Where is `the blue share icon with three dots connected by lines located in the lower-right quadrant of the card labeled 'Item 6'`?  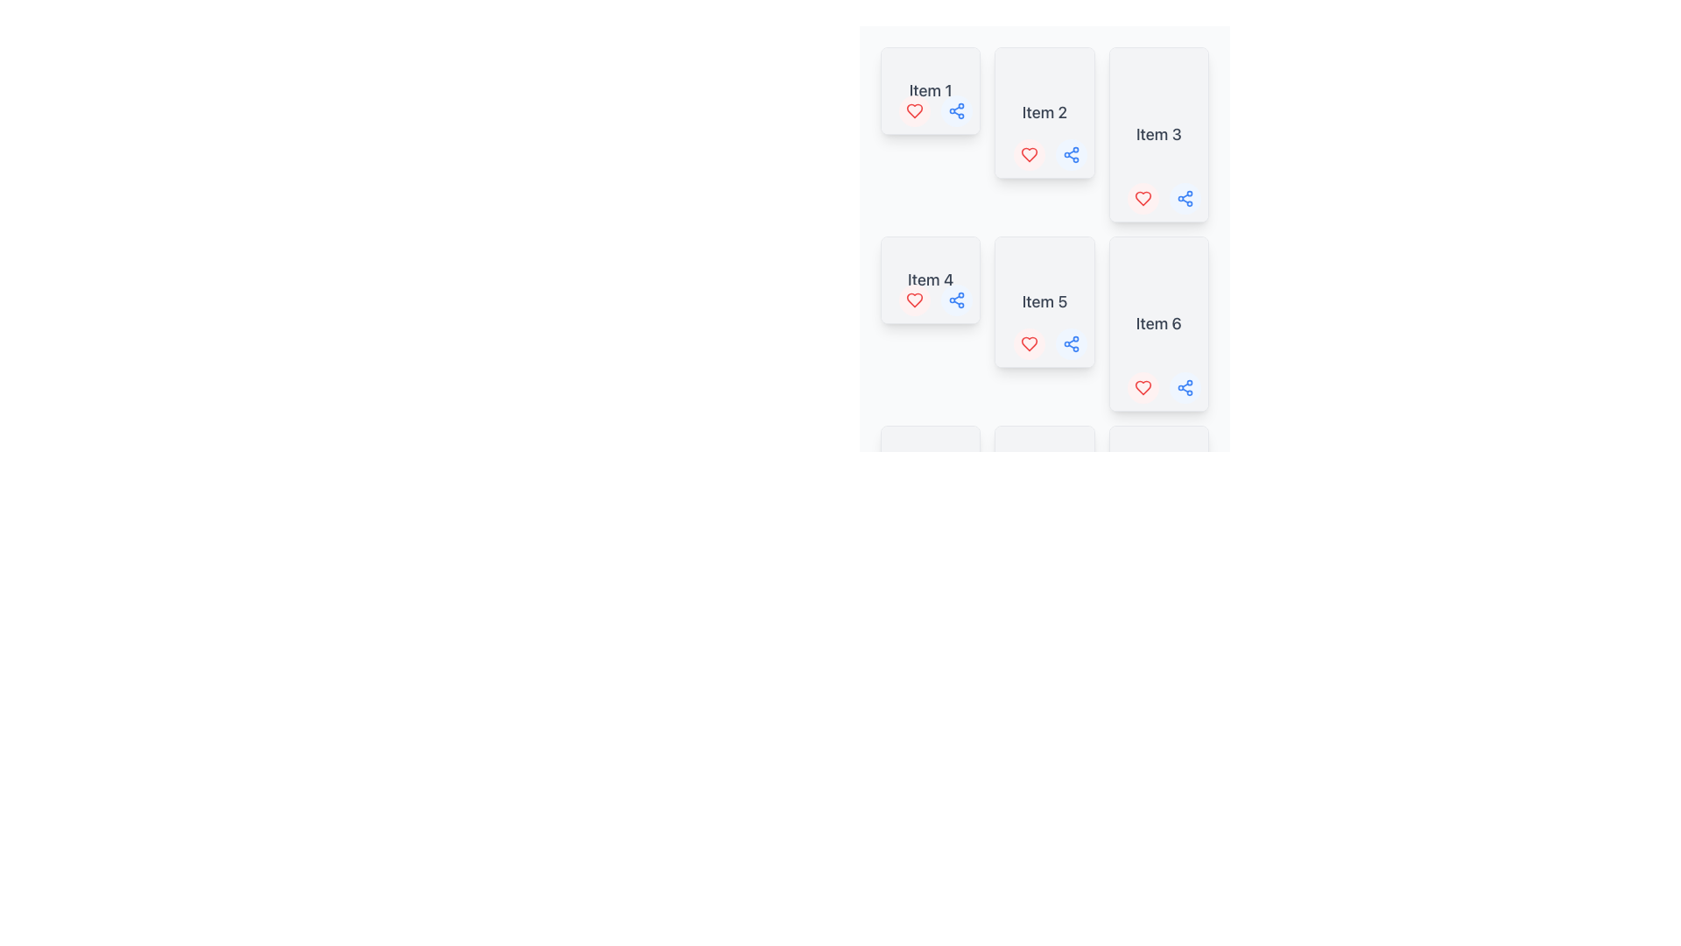 the blue share icon with three dots connected by lines located in the lower-right quadrant of the card labeled 'Item 6' is located at coordinates (1185, 387).